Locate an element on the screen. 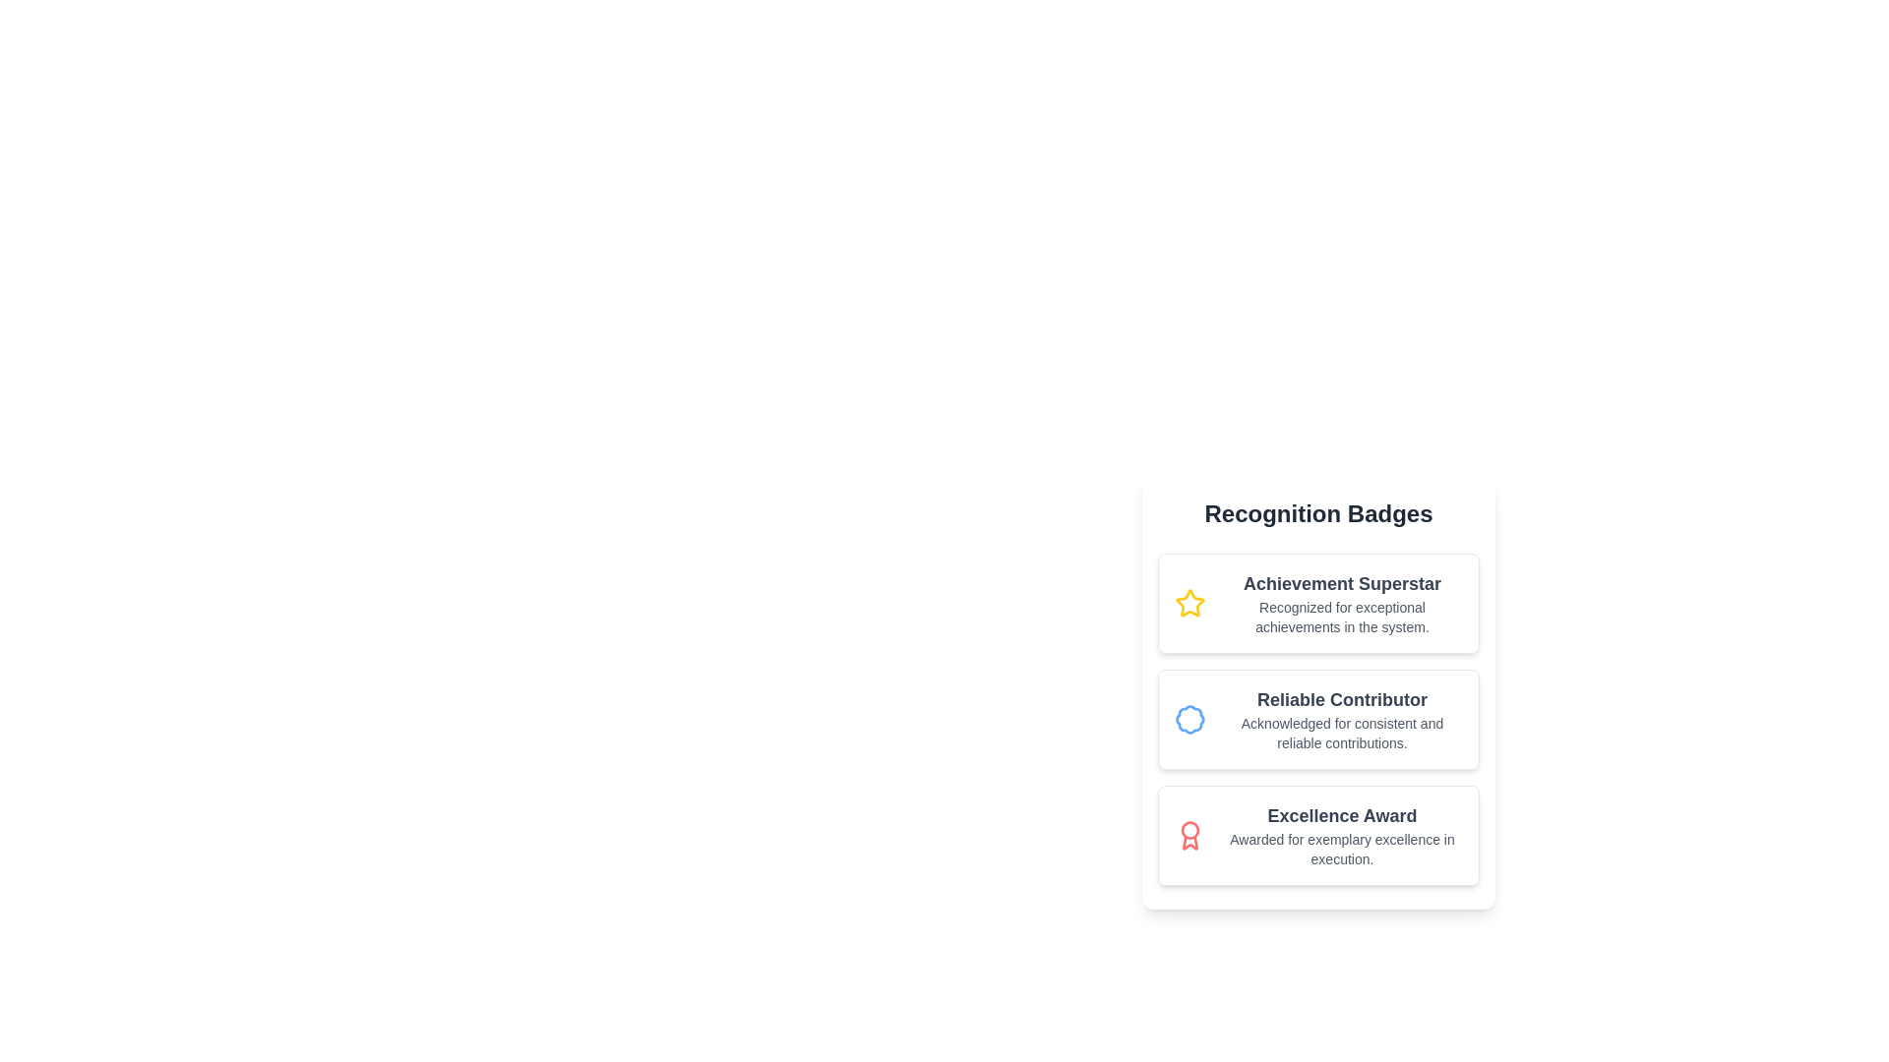 Image resolution: width=1889 pixels, height=1062 pixels. the section title text element that serves as the header for the recognition badges information display, located at the top of the card-styled section is located at coordinates (1318, 513).